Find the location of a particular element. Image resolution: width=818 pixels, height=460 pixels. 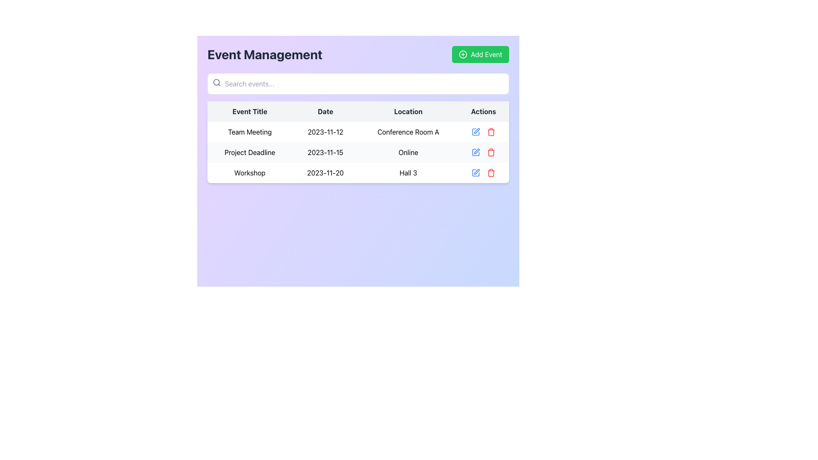

the Text Label that identifies the event 'Workshop', located in the first column of the third row in the table beneath the 'Event Title' header is located at coordinates (249, 172).